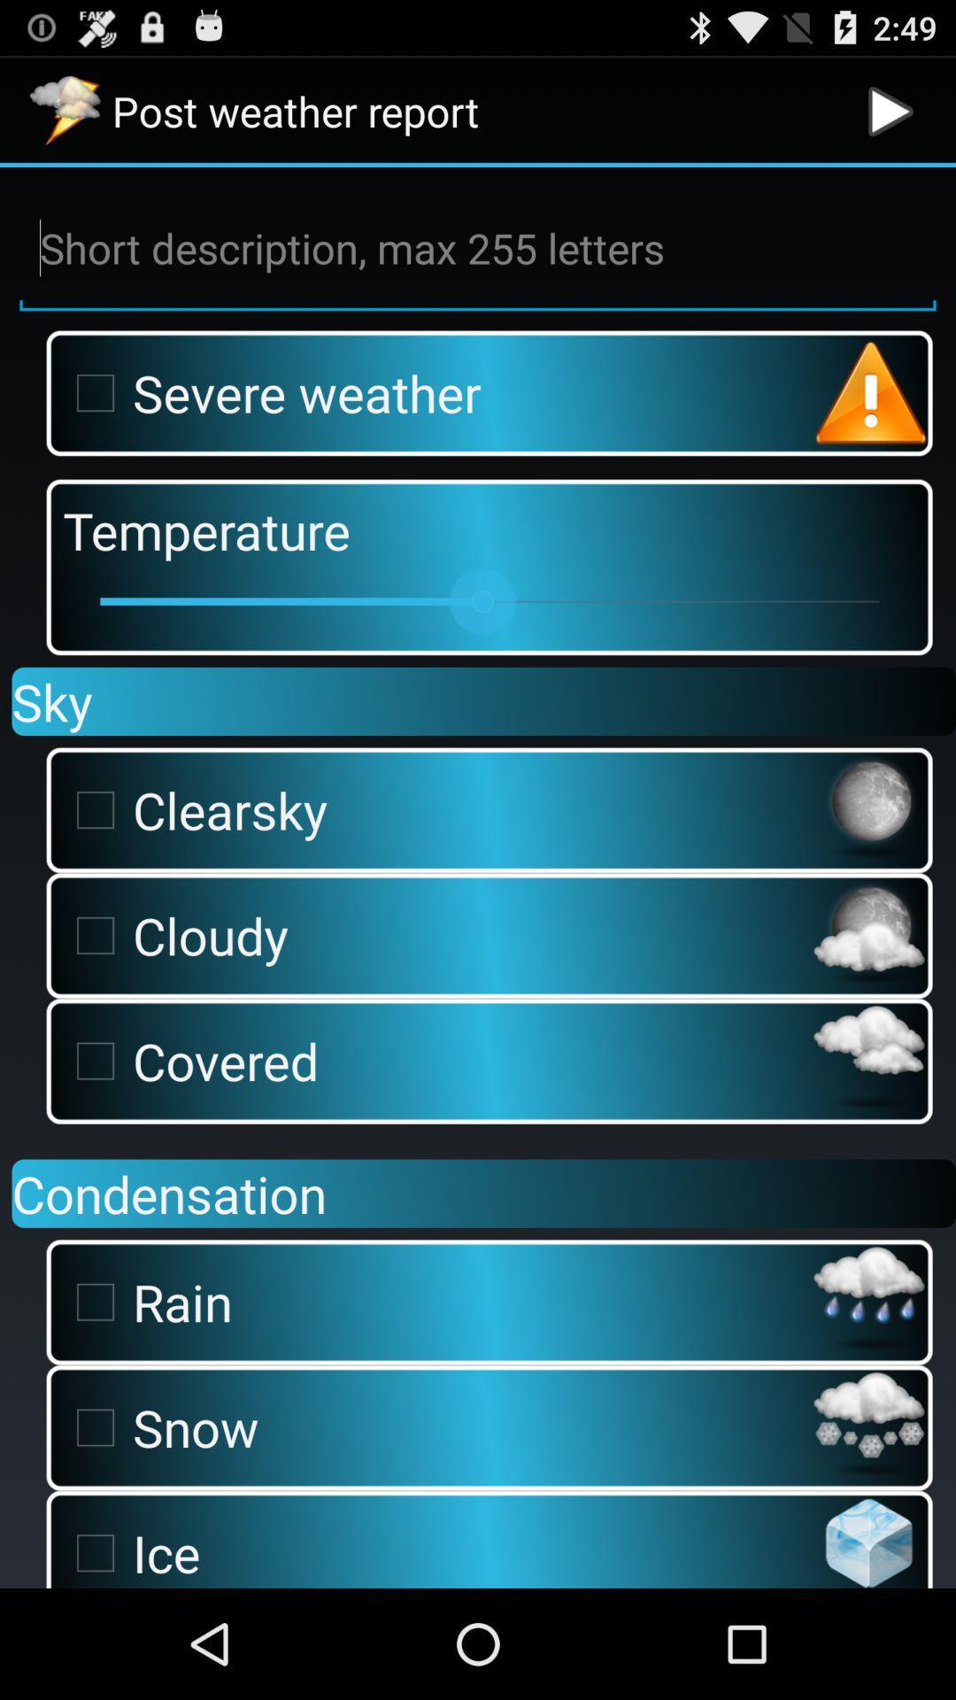 Image resolution: width=956 pixels, height=1700 pixels. What do you see at coordinates (890, 110) in the screenshot?
I see `start the weather report` at bounding box center [890, 110].